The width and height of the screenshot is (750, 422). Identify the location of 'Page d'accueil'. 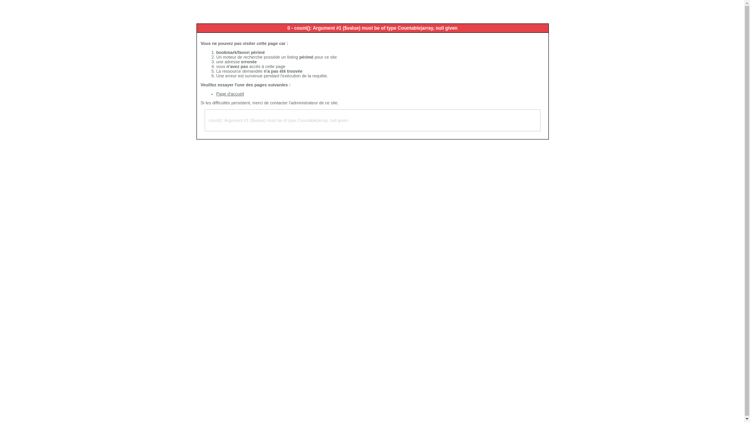
(230, 93).